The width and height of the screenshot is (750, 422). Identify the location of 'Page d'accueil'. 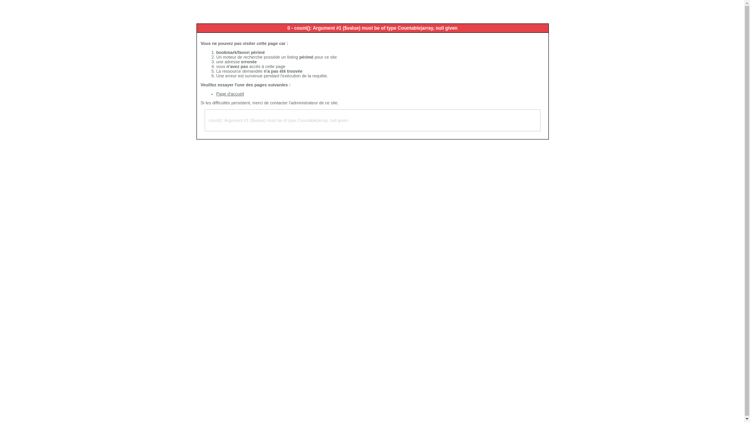
(230, 93).